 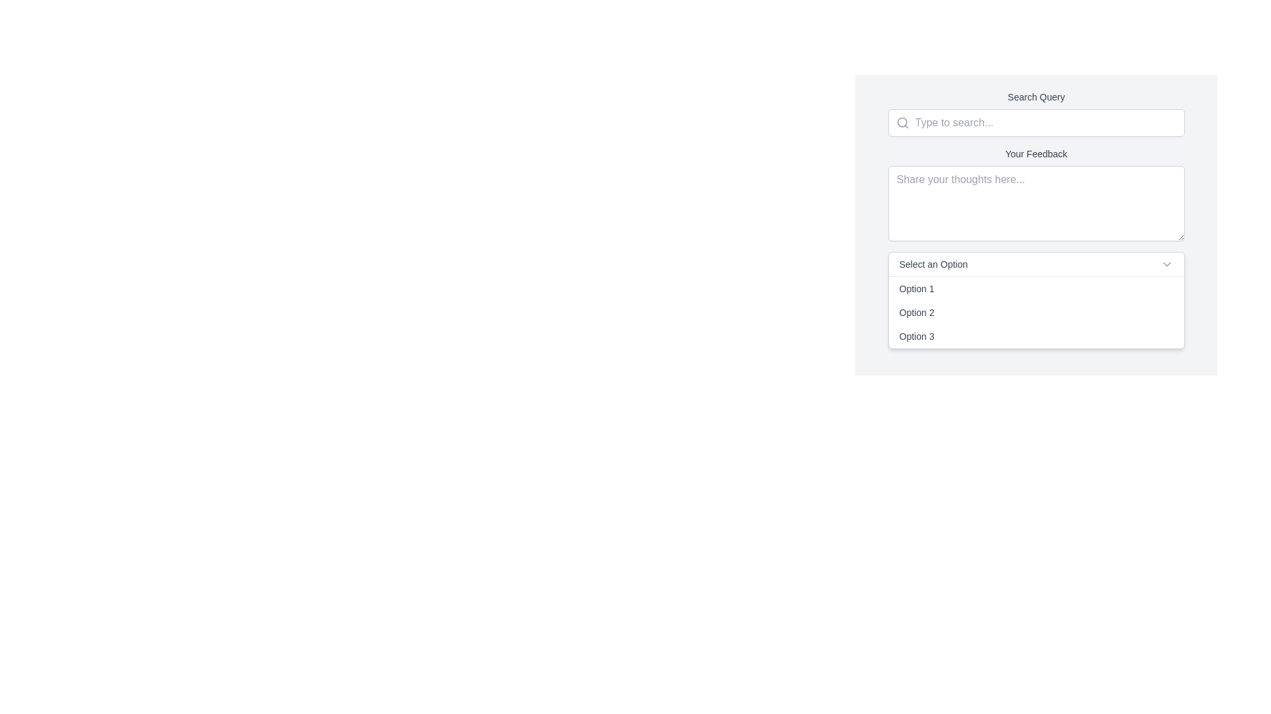 I want to click on the search icon located at the left side of the search text input box, which symbolizes the search functionality and aligns vertically with the placeholder text 'Type to search...', so click(x=898, y=122).